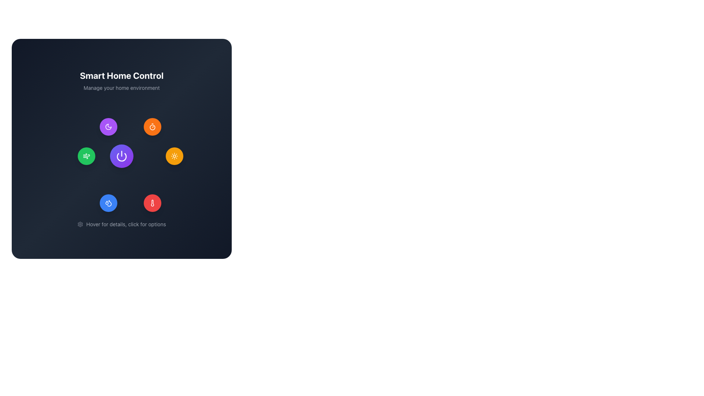 This screenshot has width=704, height=396. I want to click on the temperature control button located near the bottom of the interface, aligned horizontally with another button featuring a blue background, so click(152, 203).